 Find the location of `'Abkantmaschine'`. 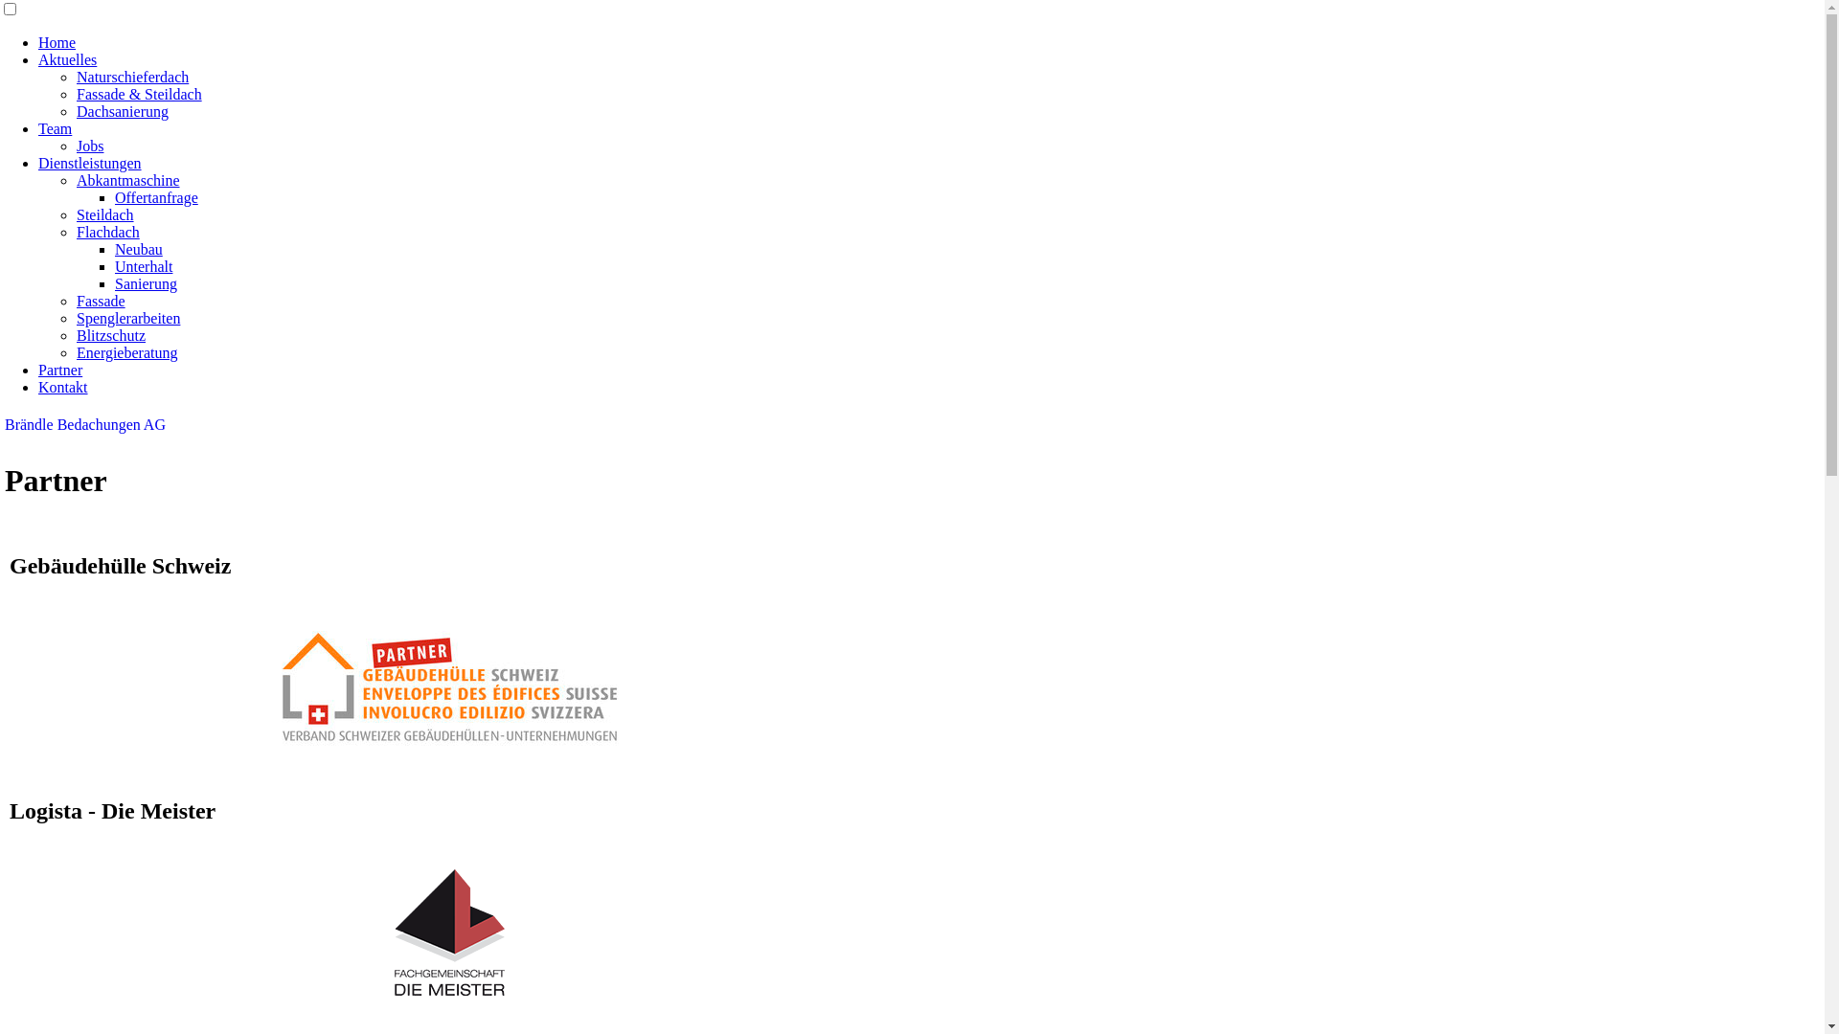

'Abkantmaschine' is located at coordinates (127, 180).